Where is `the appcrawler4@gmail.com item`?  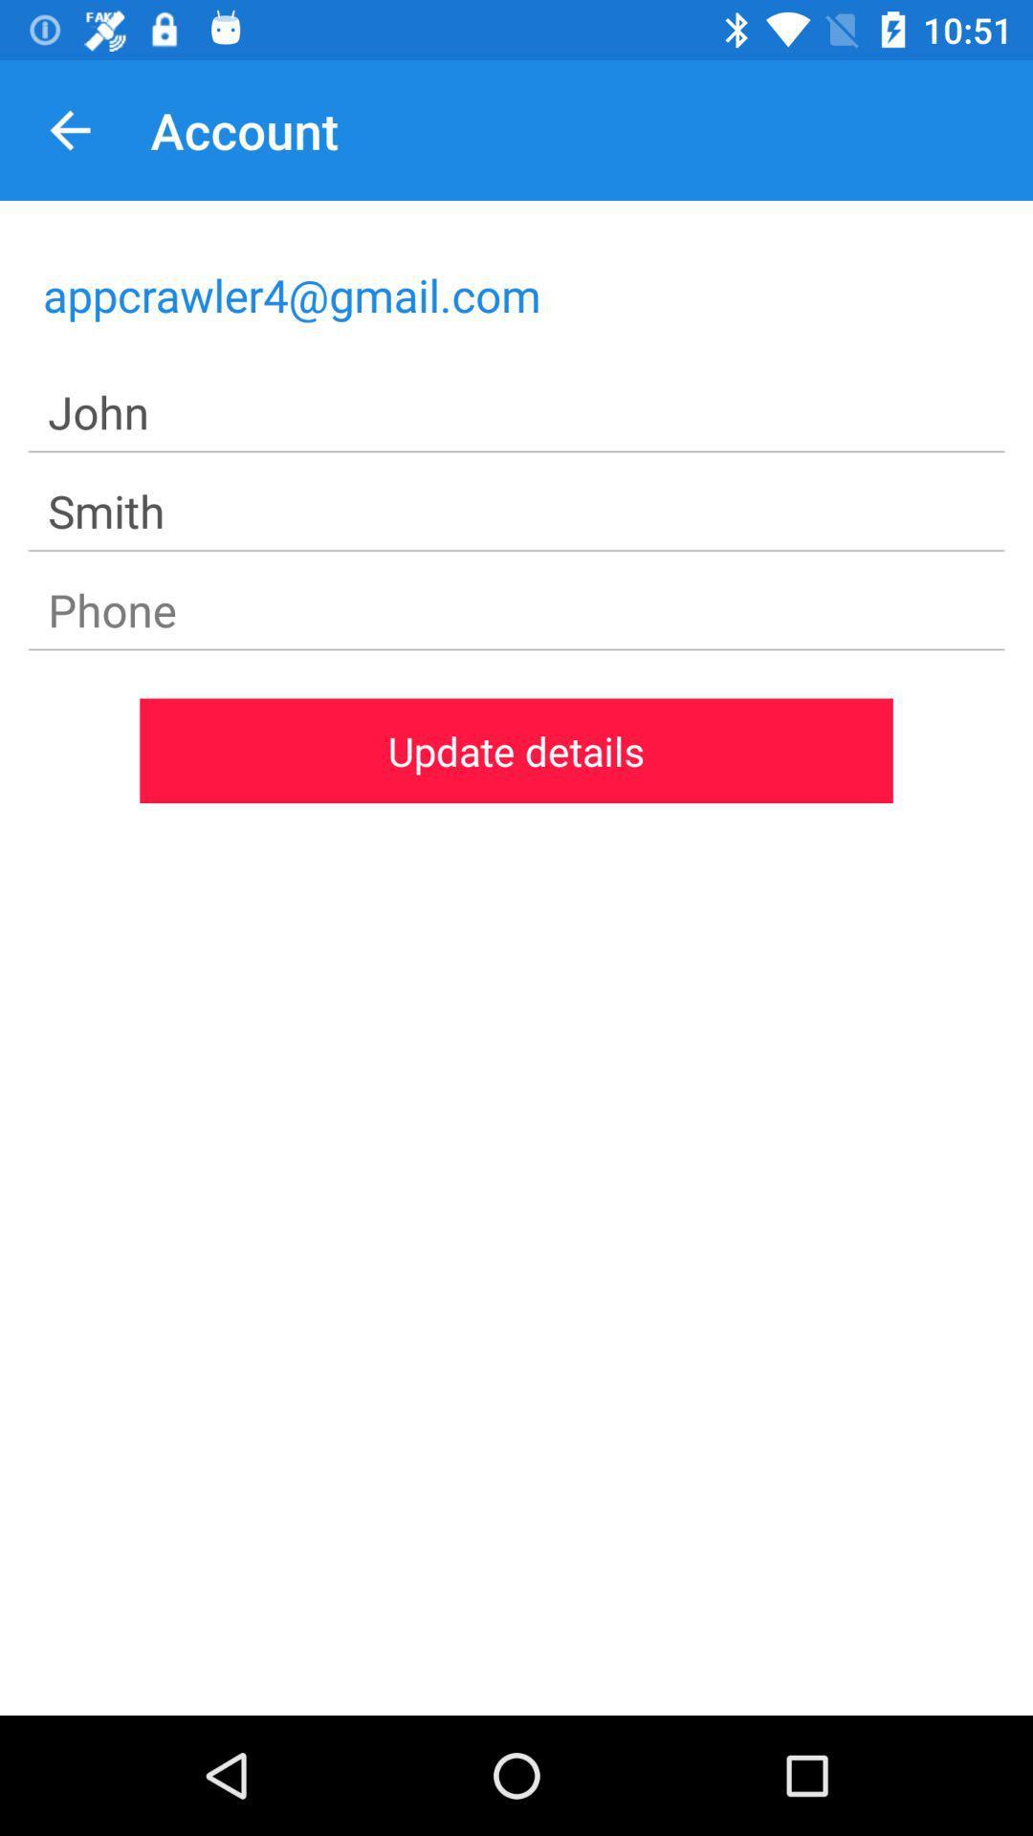 the appcrawler4@gmail.com item is located at coordinates (516, 294).